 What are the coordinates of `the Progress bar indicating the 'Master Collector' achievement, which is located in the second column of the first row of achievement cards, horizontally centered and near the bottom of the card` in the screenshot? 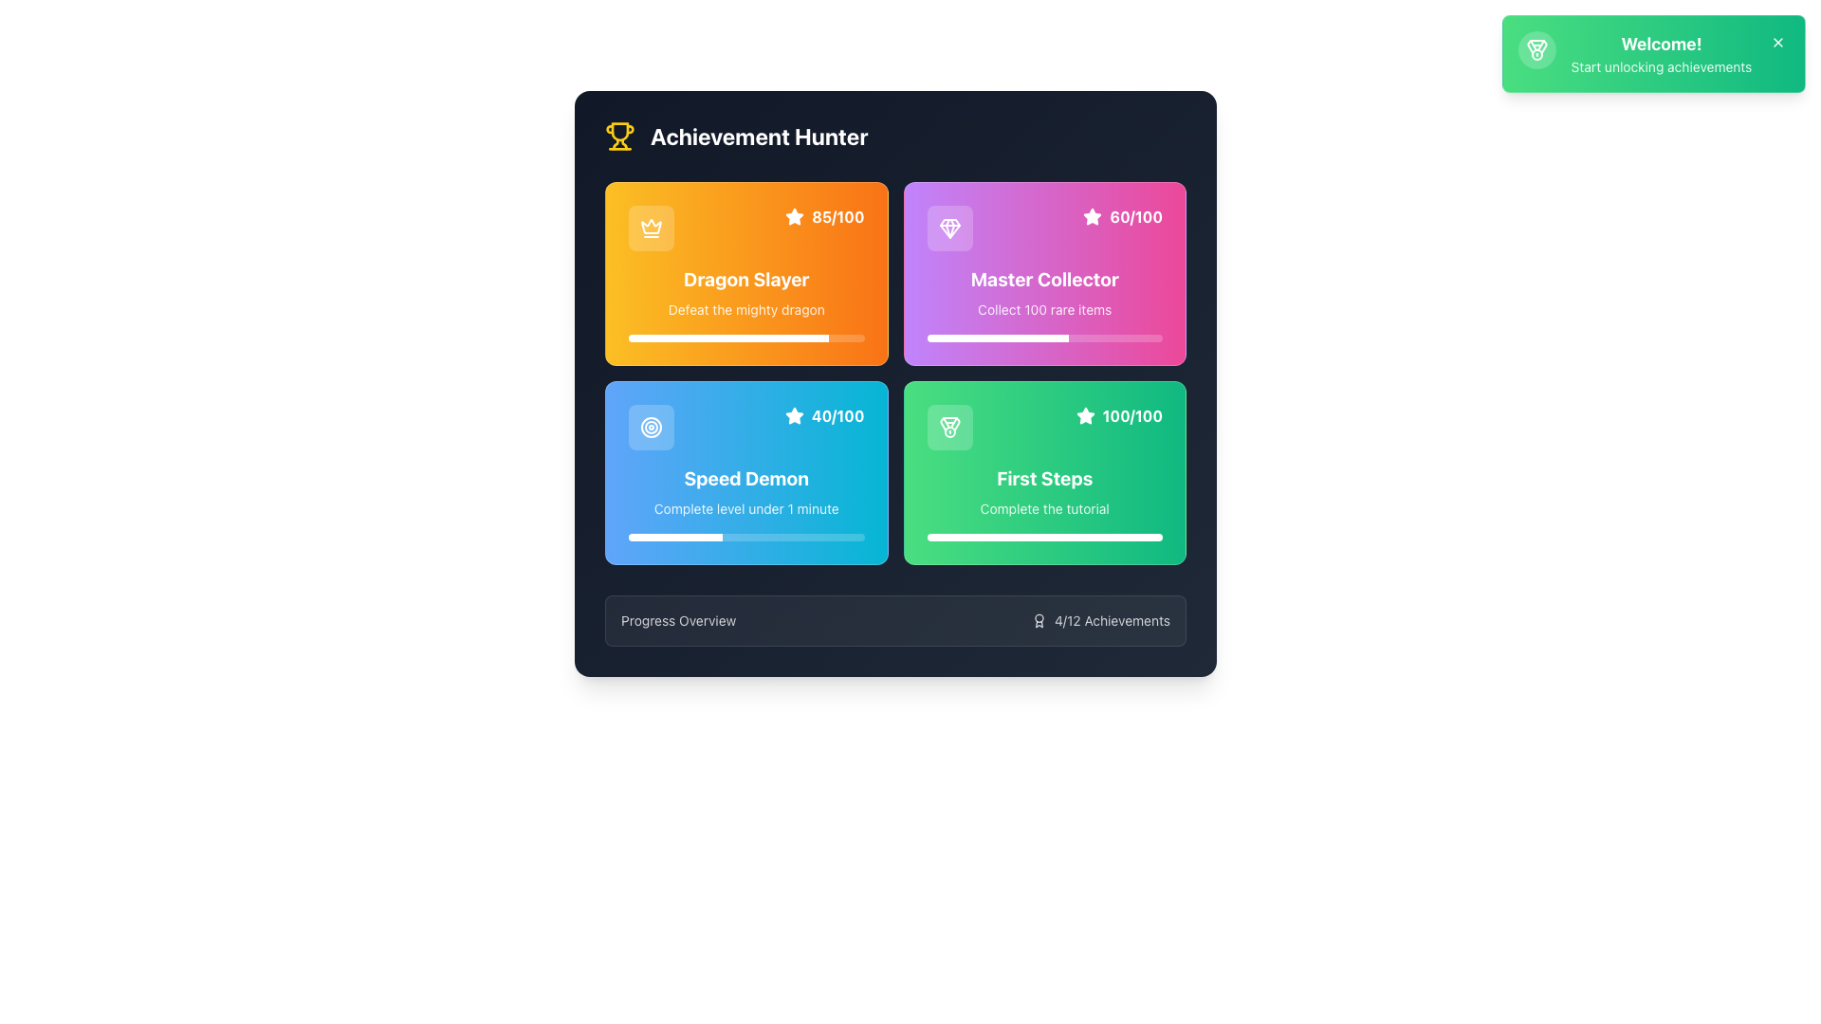 It's located at (1043, 338).